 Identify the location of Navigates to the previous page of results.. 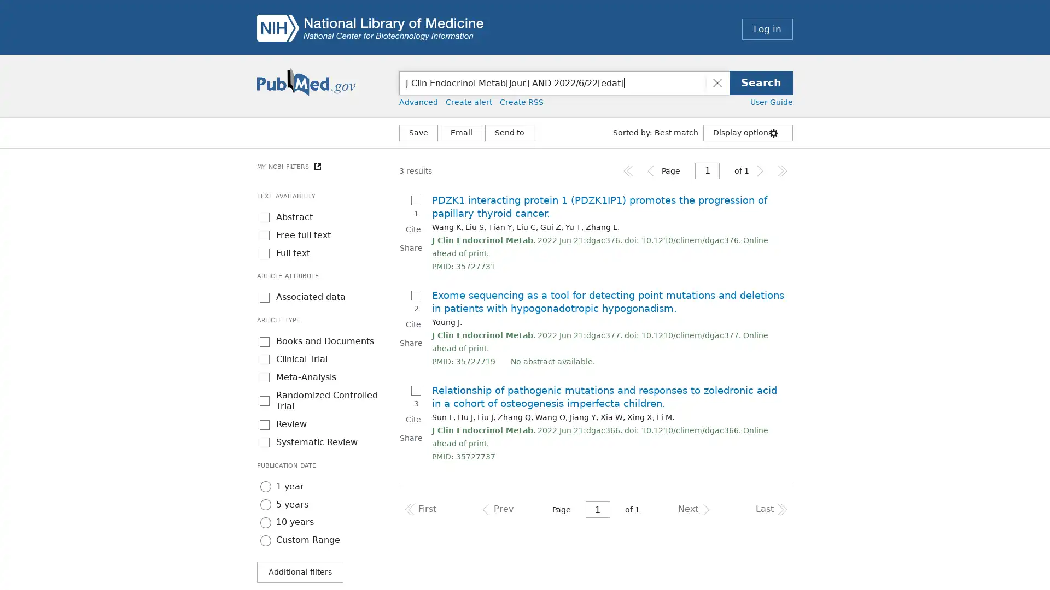
(498, 510).